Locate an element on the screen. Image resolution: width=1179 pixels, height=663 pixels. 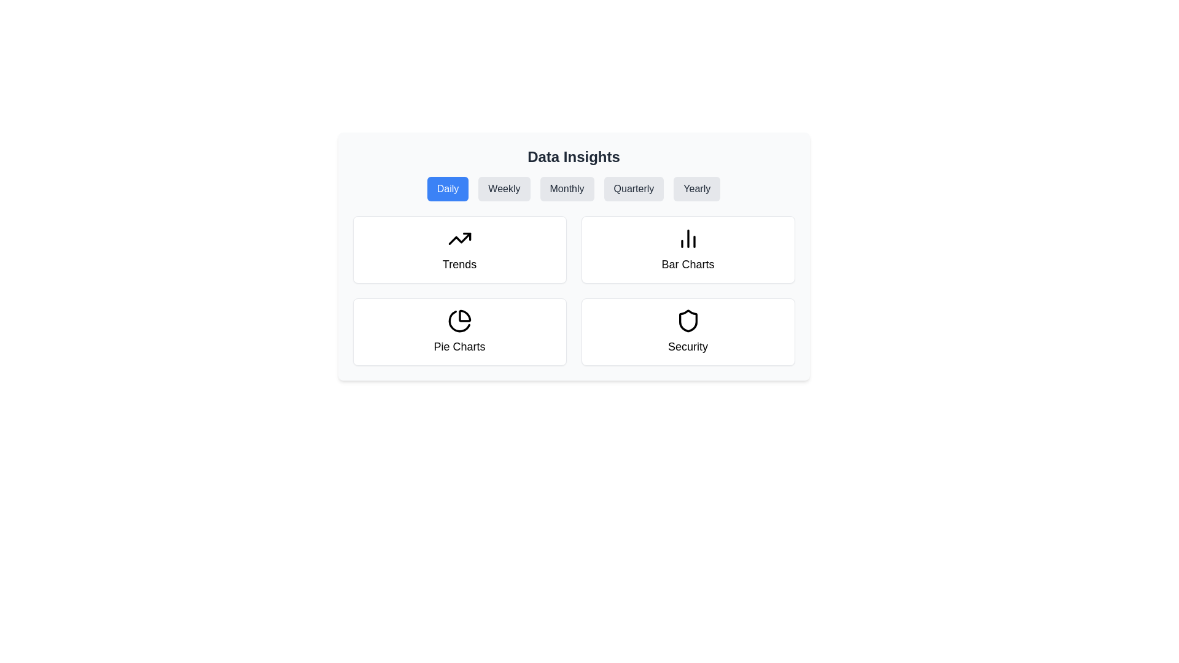
the 'Yearly' button, which is a rounded rectangular button with a light gray background and dark gray text is located at coordinates (697, 189).